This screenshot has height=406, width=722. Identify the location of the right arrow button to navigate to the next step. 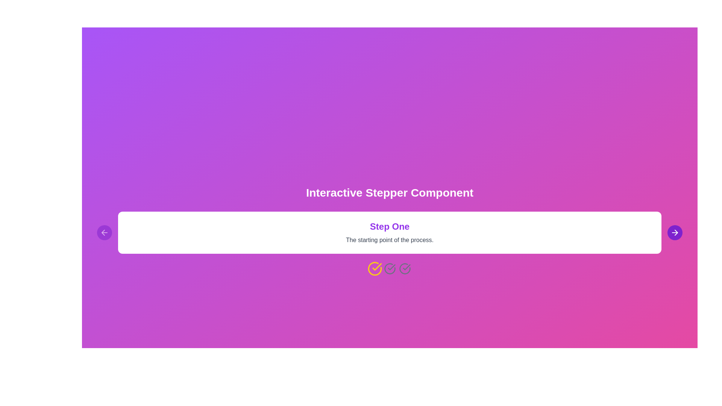
(675, 232).